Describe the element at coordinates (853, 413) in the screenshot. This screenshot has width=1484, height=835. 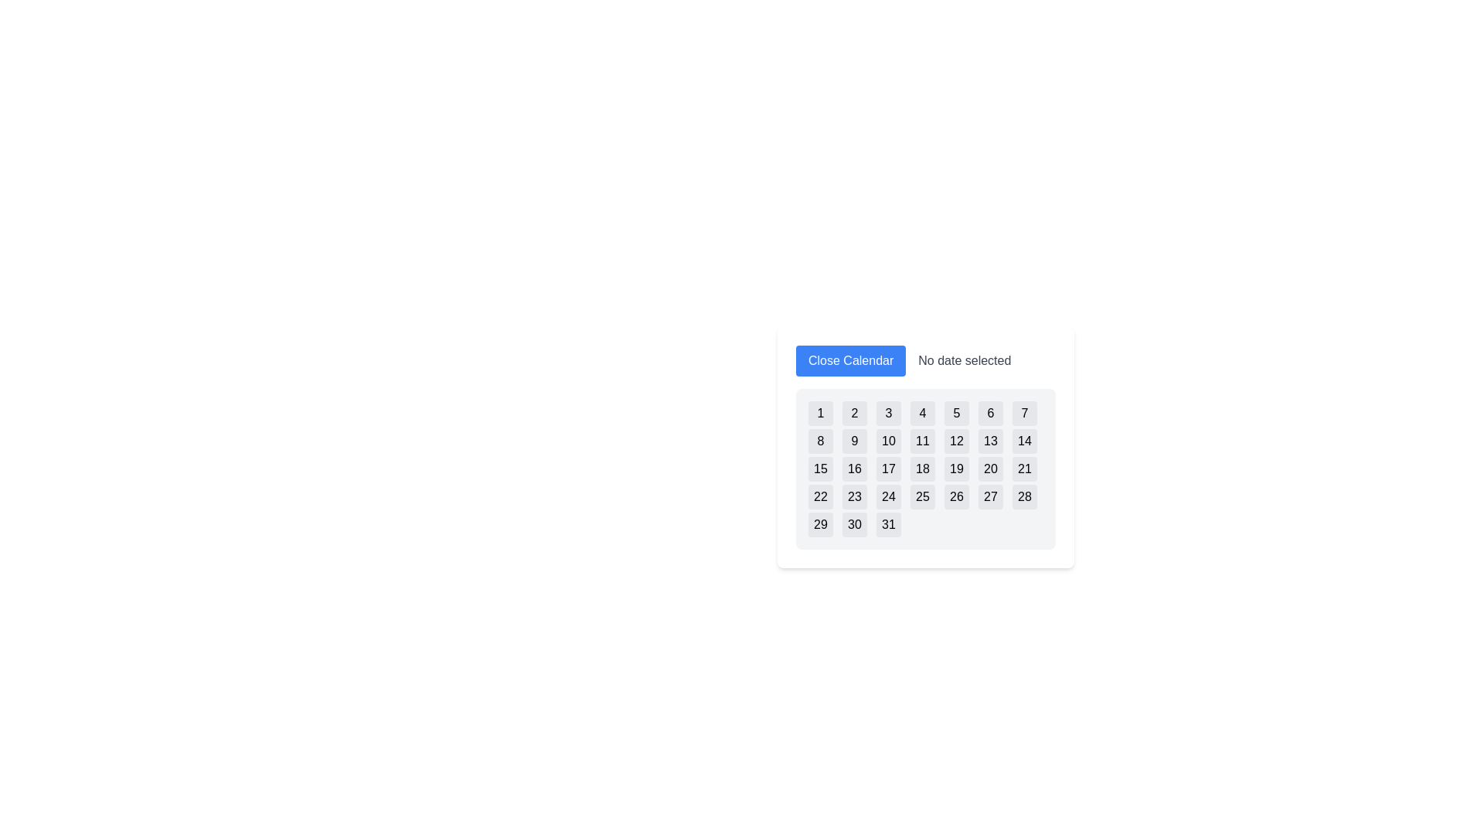
I see `the second button in the top row of the calendar component` at that location.